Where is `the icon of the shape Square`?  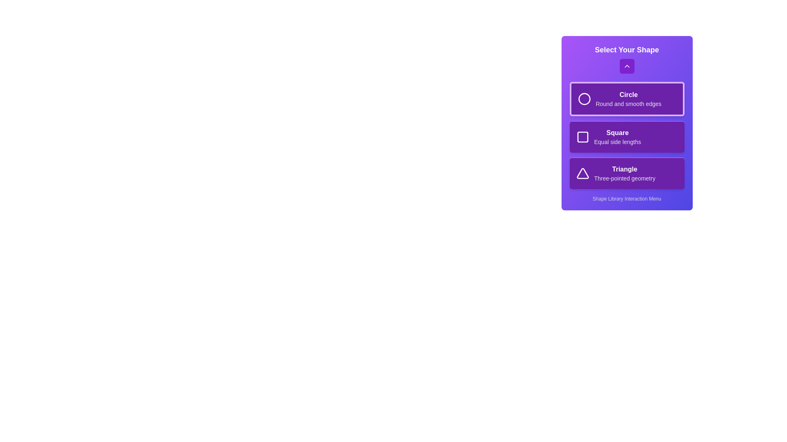
the icon of the shape Square is located at coordinates (582, 137).